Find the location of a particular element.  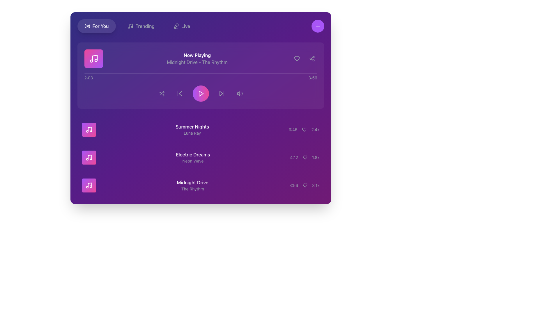

the share icon in the top-right section of the 'Now Playing' box is located at coordinates (312, 58).